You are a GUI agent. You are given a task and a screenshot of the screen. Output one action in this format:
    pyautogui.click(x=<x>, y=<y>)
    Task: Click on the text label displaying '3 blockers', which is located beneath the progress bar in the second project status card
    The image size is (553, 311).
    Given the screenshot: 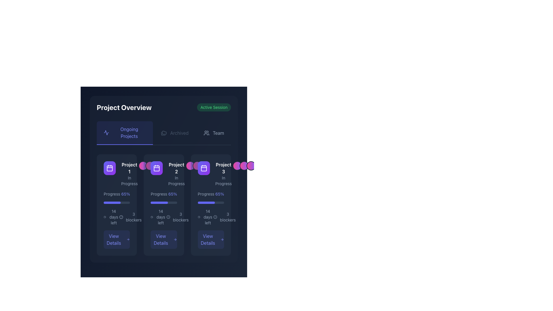 What is the action you would take?
    pyautogui.click(x=180, y=217)
    